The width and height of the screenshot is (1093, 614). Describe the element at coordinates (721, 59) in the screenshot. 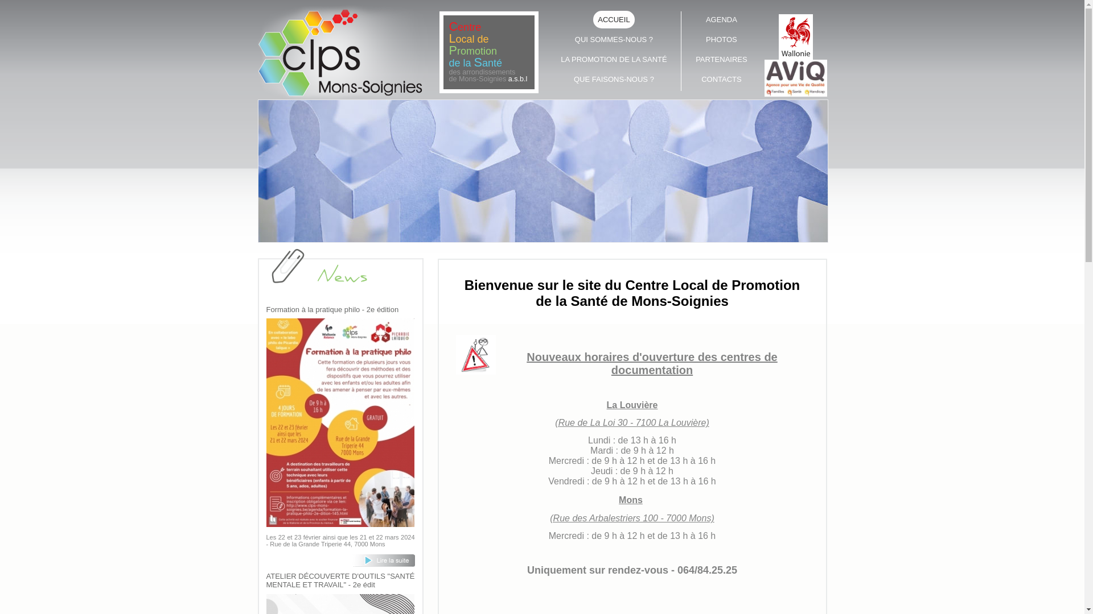

I see `'PARTENAIRES'` at that location.